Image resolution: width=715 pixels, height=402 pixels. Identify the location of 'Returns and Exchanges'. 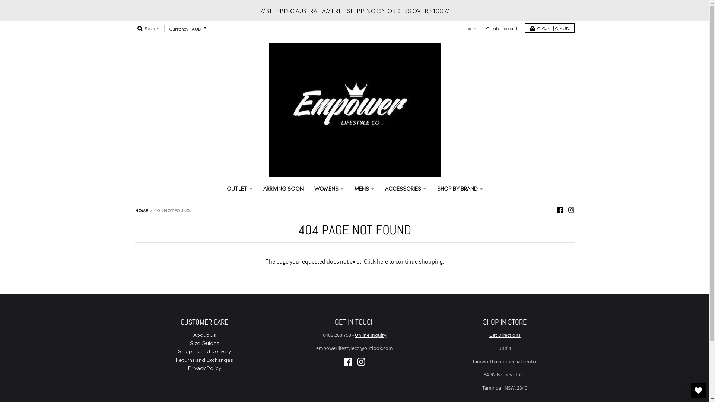
(204, 358).